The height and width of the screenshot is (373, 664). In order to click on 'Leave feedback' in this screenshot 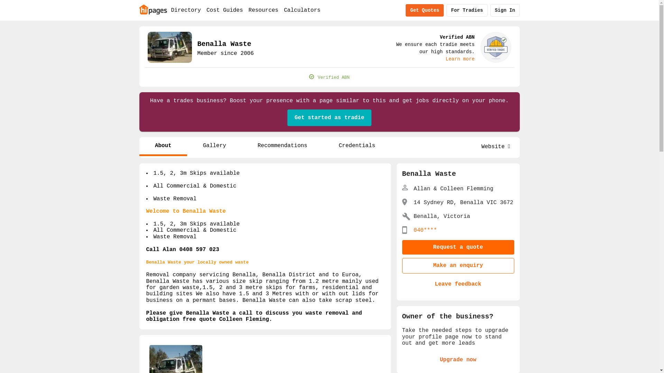, I will do `click(458, 284)`.